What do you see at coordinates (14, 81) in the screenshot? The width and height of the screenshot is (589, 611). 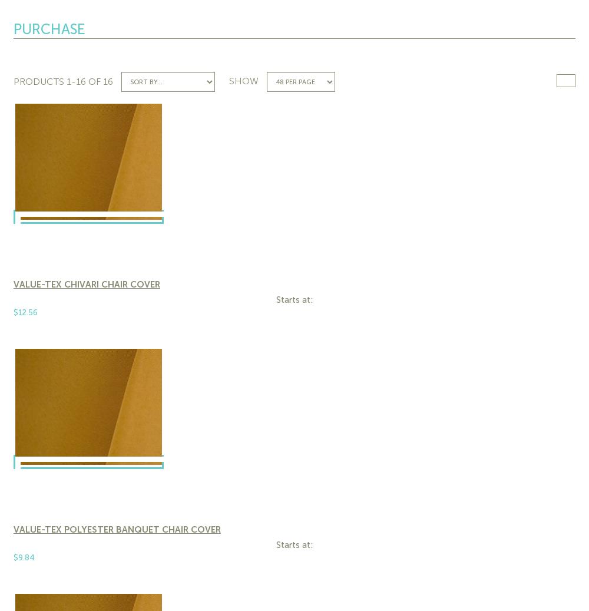 I see `'Products'` at bounding box center [14, 81].